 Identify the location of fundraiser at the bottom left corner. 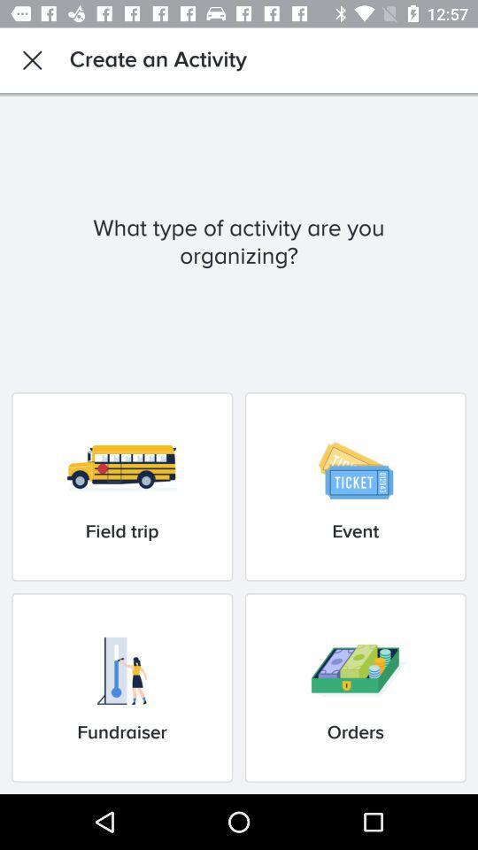
(121, 687).